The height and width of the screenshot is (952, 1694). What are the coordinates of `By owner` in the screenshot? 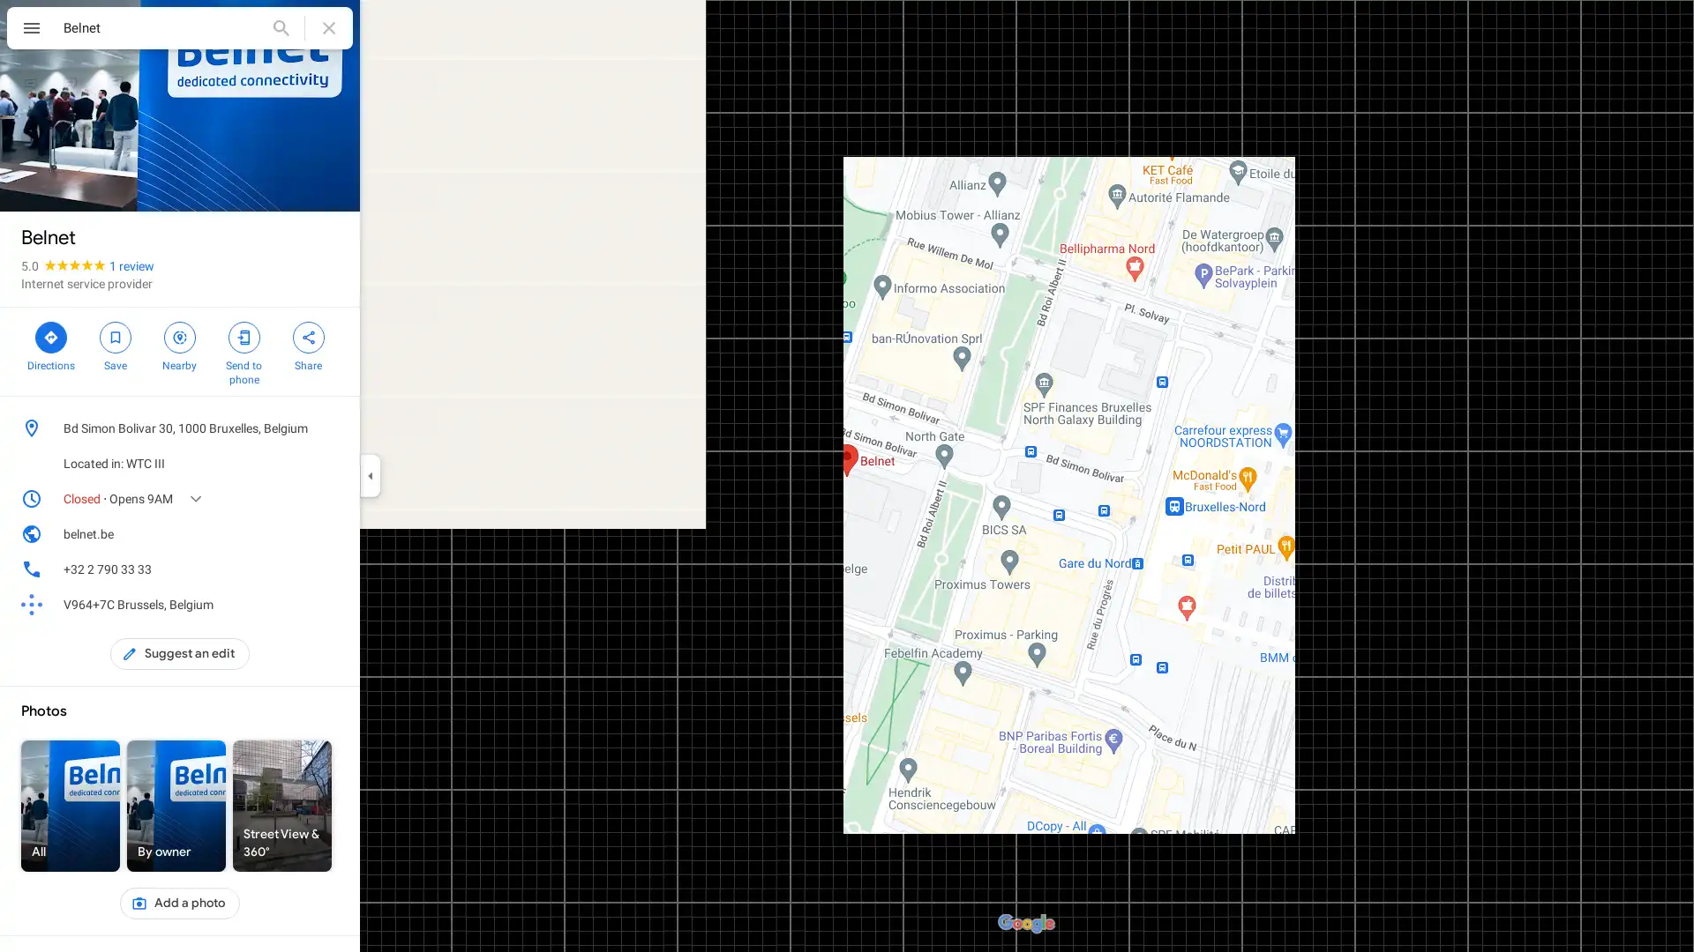 It's located at (176, 806).